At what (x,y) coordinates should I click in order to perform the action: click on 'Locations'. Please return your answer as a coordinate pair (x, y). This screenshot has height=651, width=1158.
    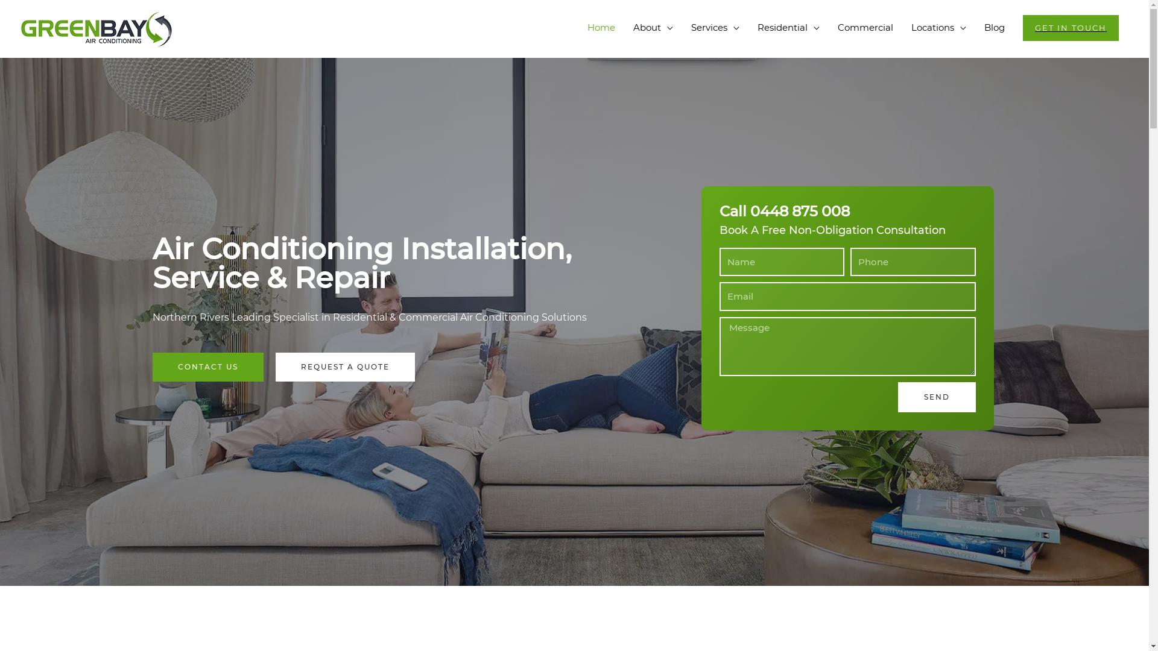
    Looking at the image, I should click on (938, 27).